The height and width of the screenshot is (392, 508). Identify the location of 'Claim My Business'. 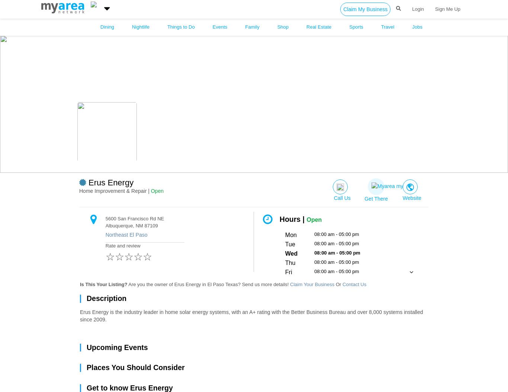
(365, 9).